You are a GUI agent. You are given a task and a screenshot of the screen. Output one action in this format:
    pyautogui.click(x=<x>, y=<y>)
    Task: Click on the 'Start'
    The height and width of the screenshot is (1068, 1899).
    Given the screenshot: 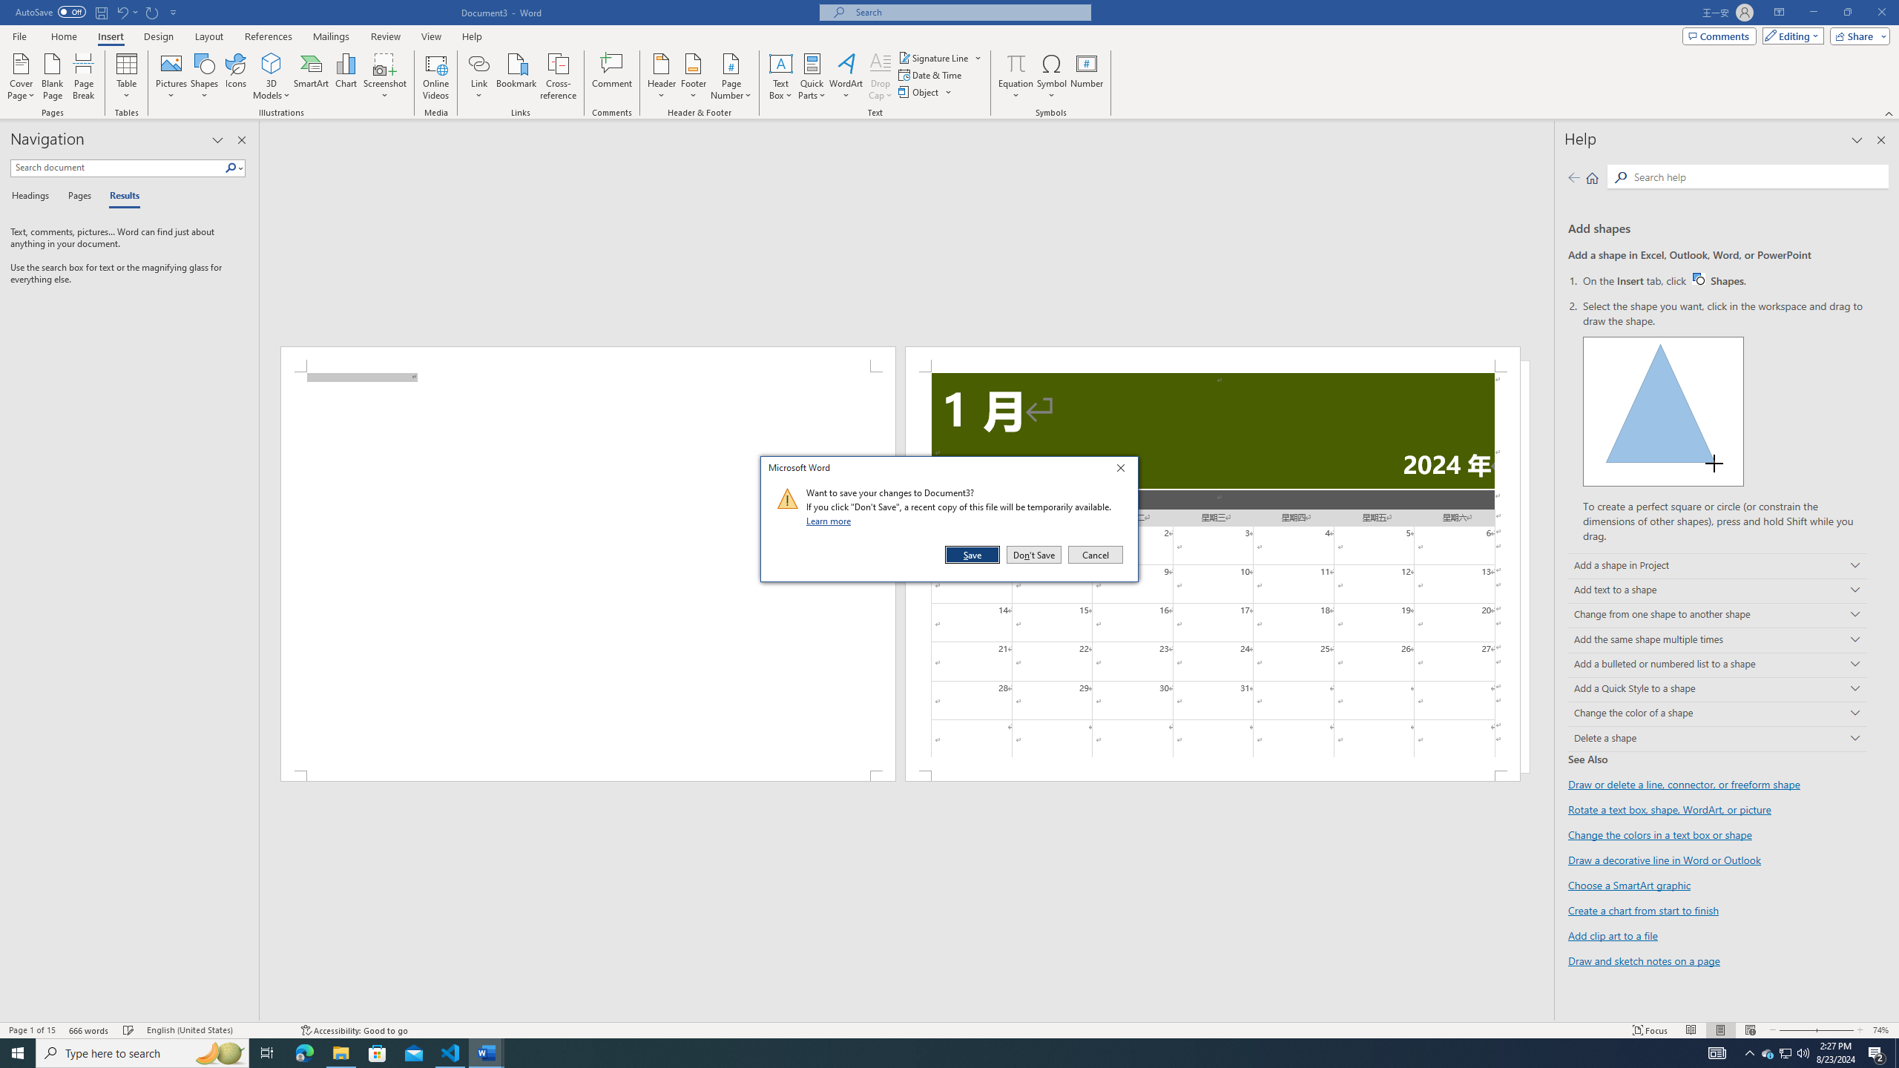 What is the action you would take?
    pyautogui.click(x=18, y=1052)
    